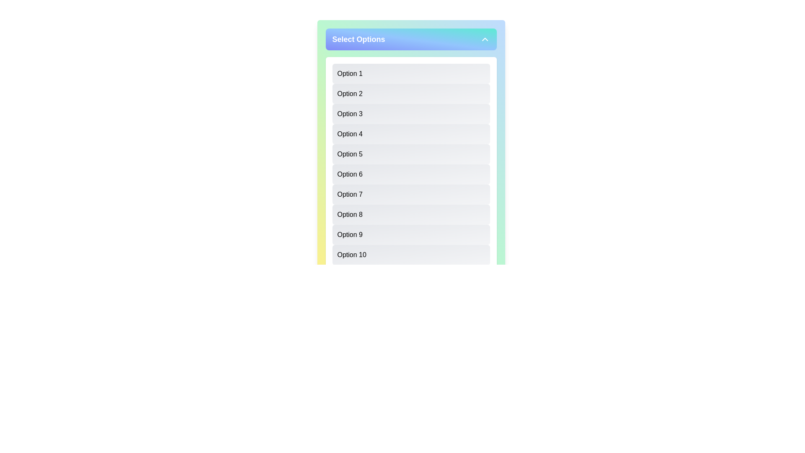 The image size is (805, 453). Describe the element at coordinates (350, 134) in the screenshot. I see `the text label displaying 'Option 4'` at that location.